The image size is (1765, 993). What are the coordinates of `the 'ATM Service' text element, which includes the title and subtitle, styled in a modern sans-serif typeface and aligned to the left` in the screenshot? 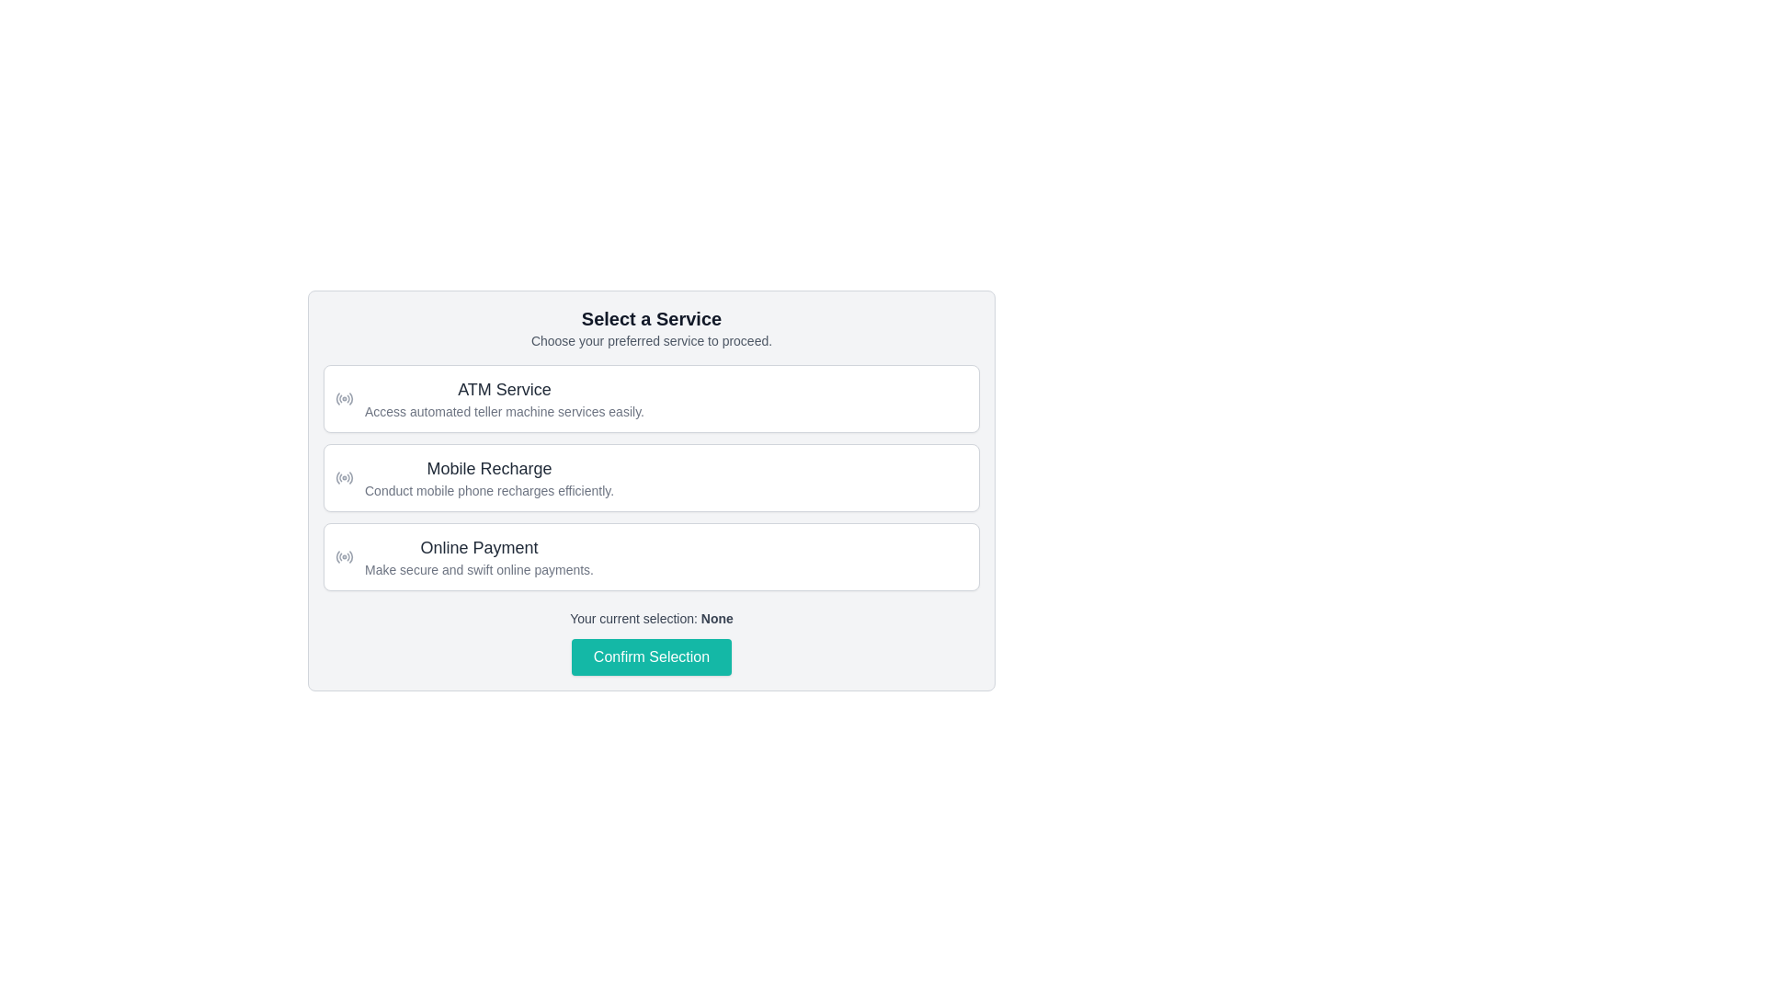 It's located at (504, 398).